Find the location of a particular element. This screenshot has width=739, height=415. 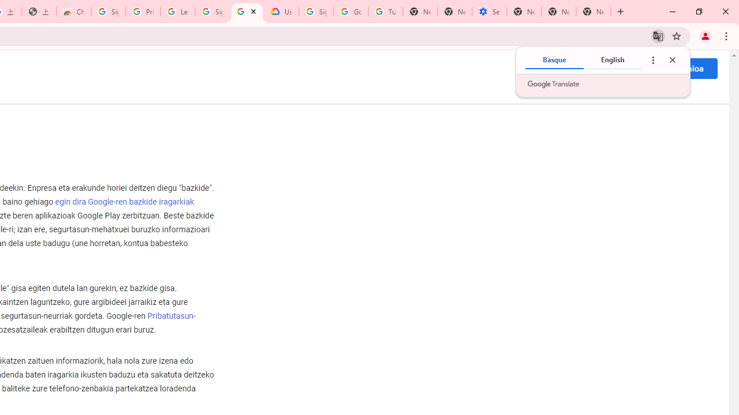

'Basque' is located at coordinates (554, 60).